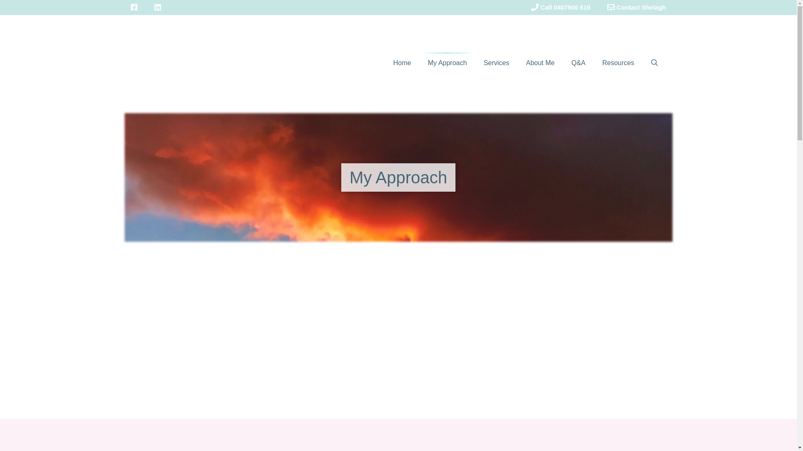 This screenshot has width=803, height=451. Describe the element at coordinates (134, 8) in the screenshot. I see `'Facebook'` at that location.